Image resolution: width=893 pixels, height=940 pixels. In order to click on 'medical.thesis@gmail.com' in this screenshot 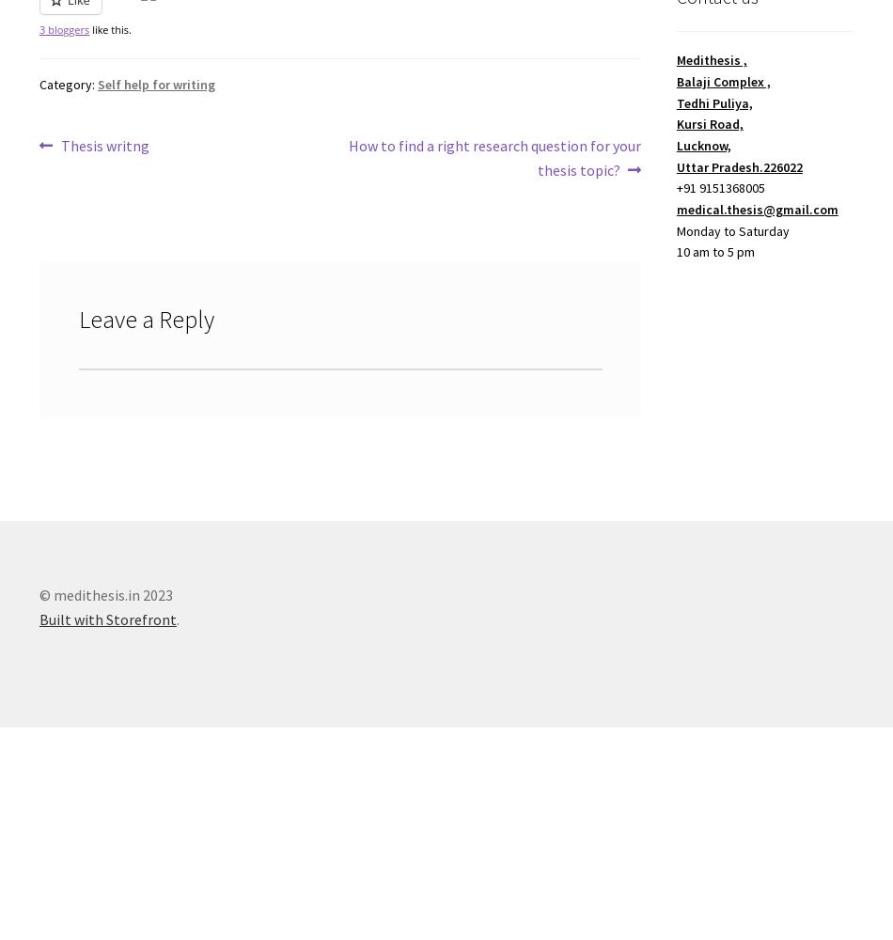, I will do `click(756, 208)`.